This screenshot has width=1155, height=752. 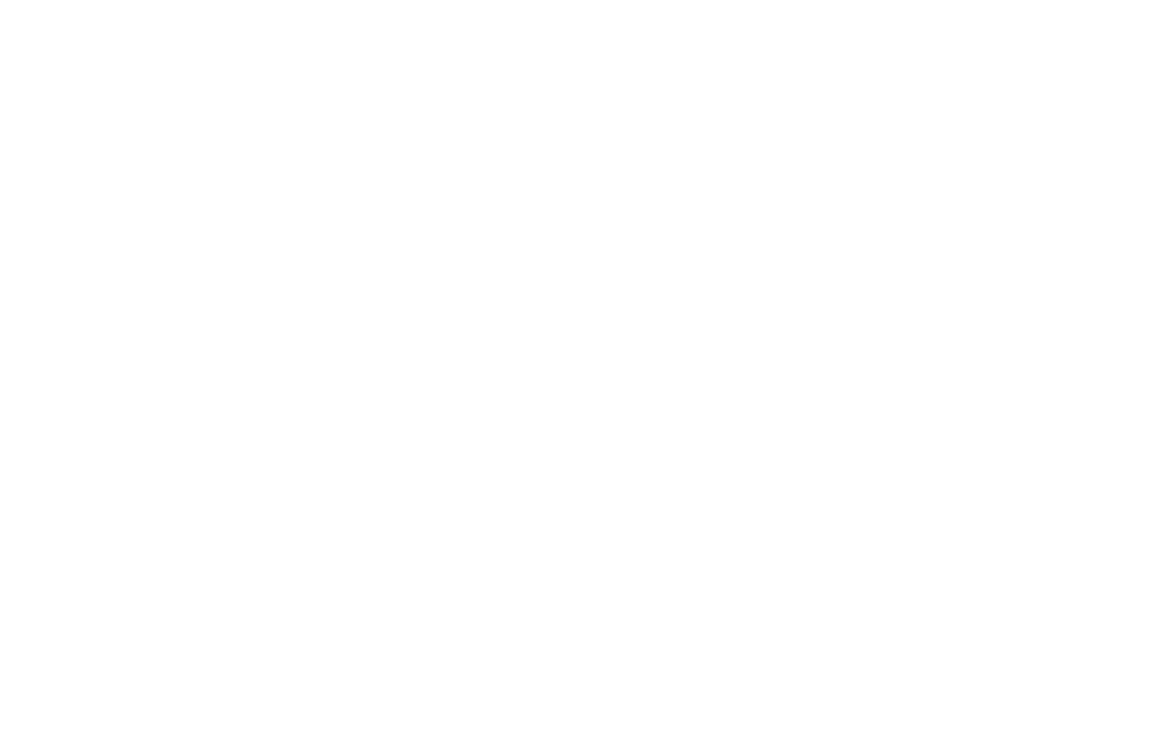 What do you see at coordinates (648, 483) in the screenshot?
I see `'Diplomvej 381, 2800 Kgs. Lyngby, Denmark'` at bounding box center [648, 483].